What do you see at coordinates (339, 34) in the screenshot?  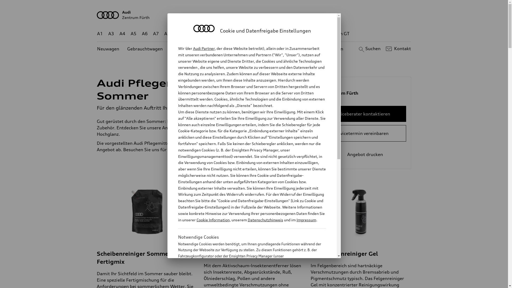 I see `'e-tron GT'` at bounding box center [339, 34].